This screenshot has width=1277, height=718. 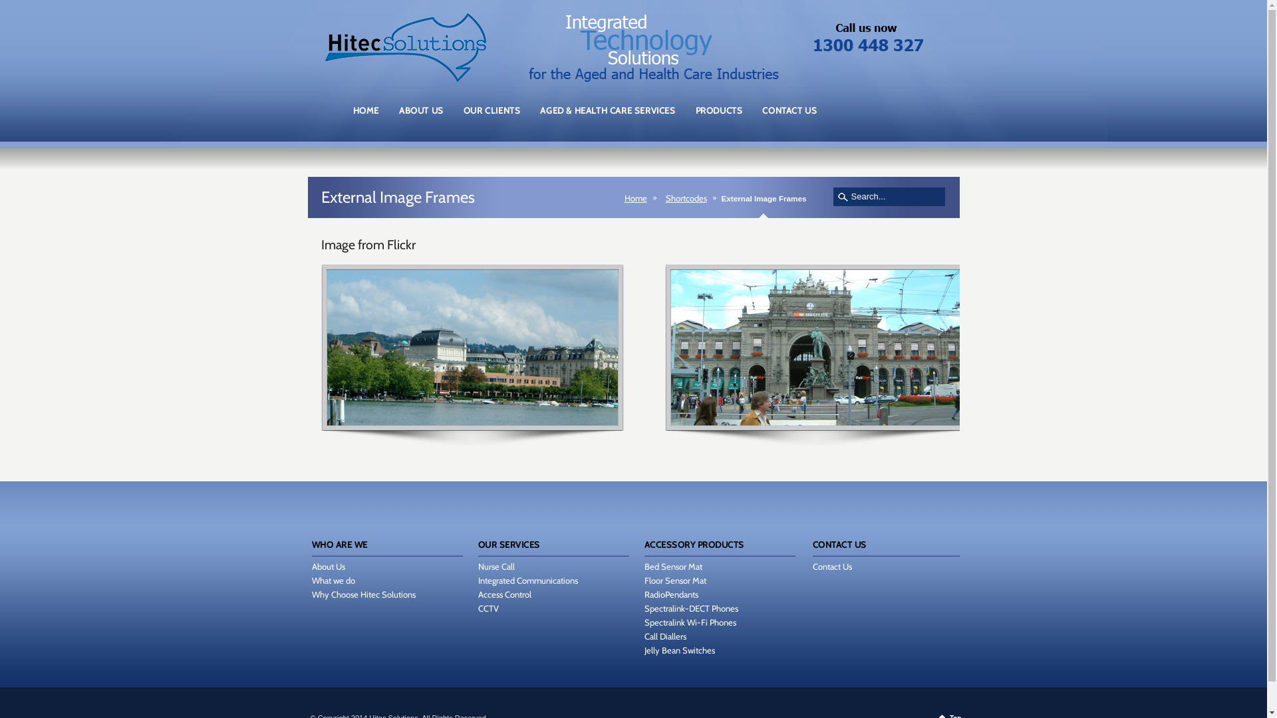 What do you see at coordinates (690, 608) in the screenshot?
I see `'Spectralink-DECT Phones'` at bounding box center [690, 608].